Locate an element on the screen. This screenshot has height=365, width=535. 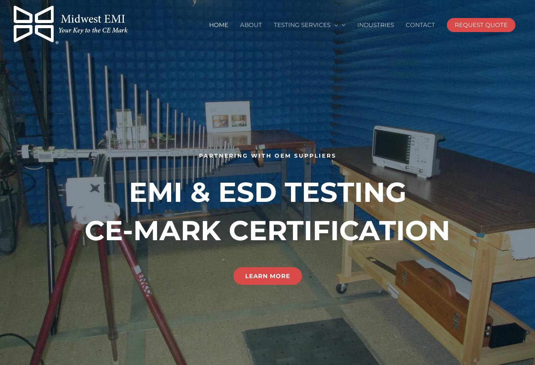
'REQUEST QUOTE' is located at coordinates (481, 25).